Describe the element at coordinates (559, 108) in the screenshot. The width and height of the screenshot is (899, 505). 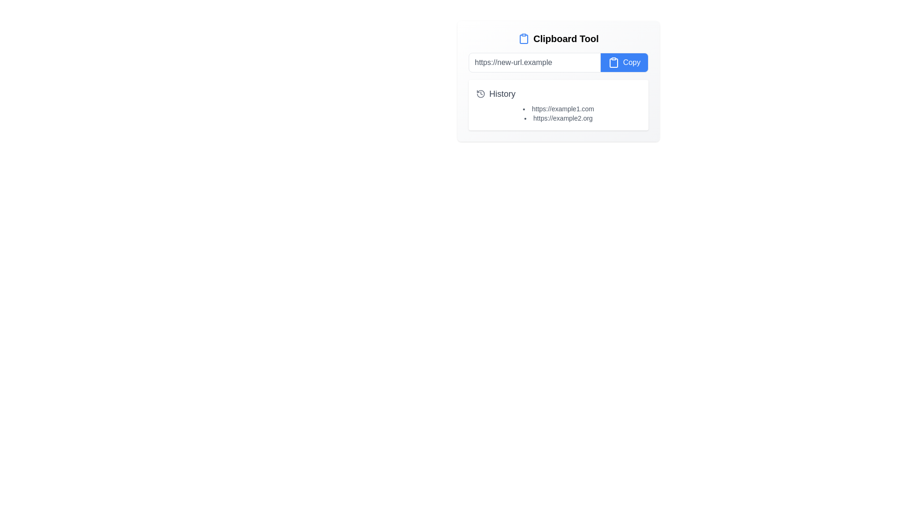
I see `the text element displaying 'https://example1.com' in a grayish font color, positioned as the first item in the 'History' section of the list` at that location.